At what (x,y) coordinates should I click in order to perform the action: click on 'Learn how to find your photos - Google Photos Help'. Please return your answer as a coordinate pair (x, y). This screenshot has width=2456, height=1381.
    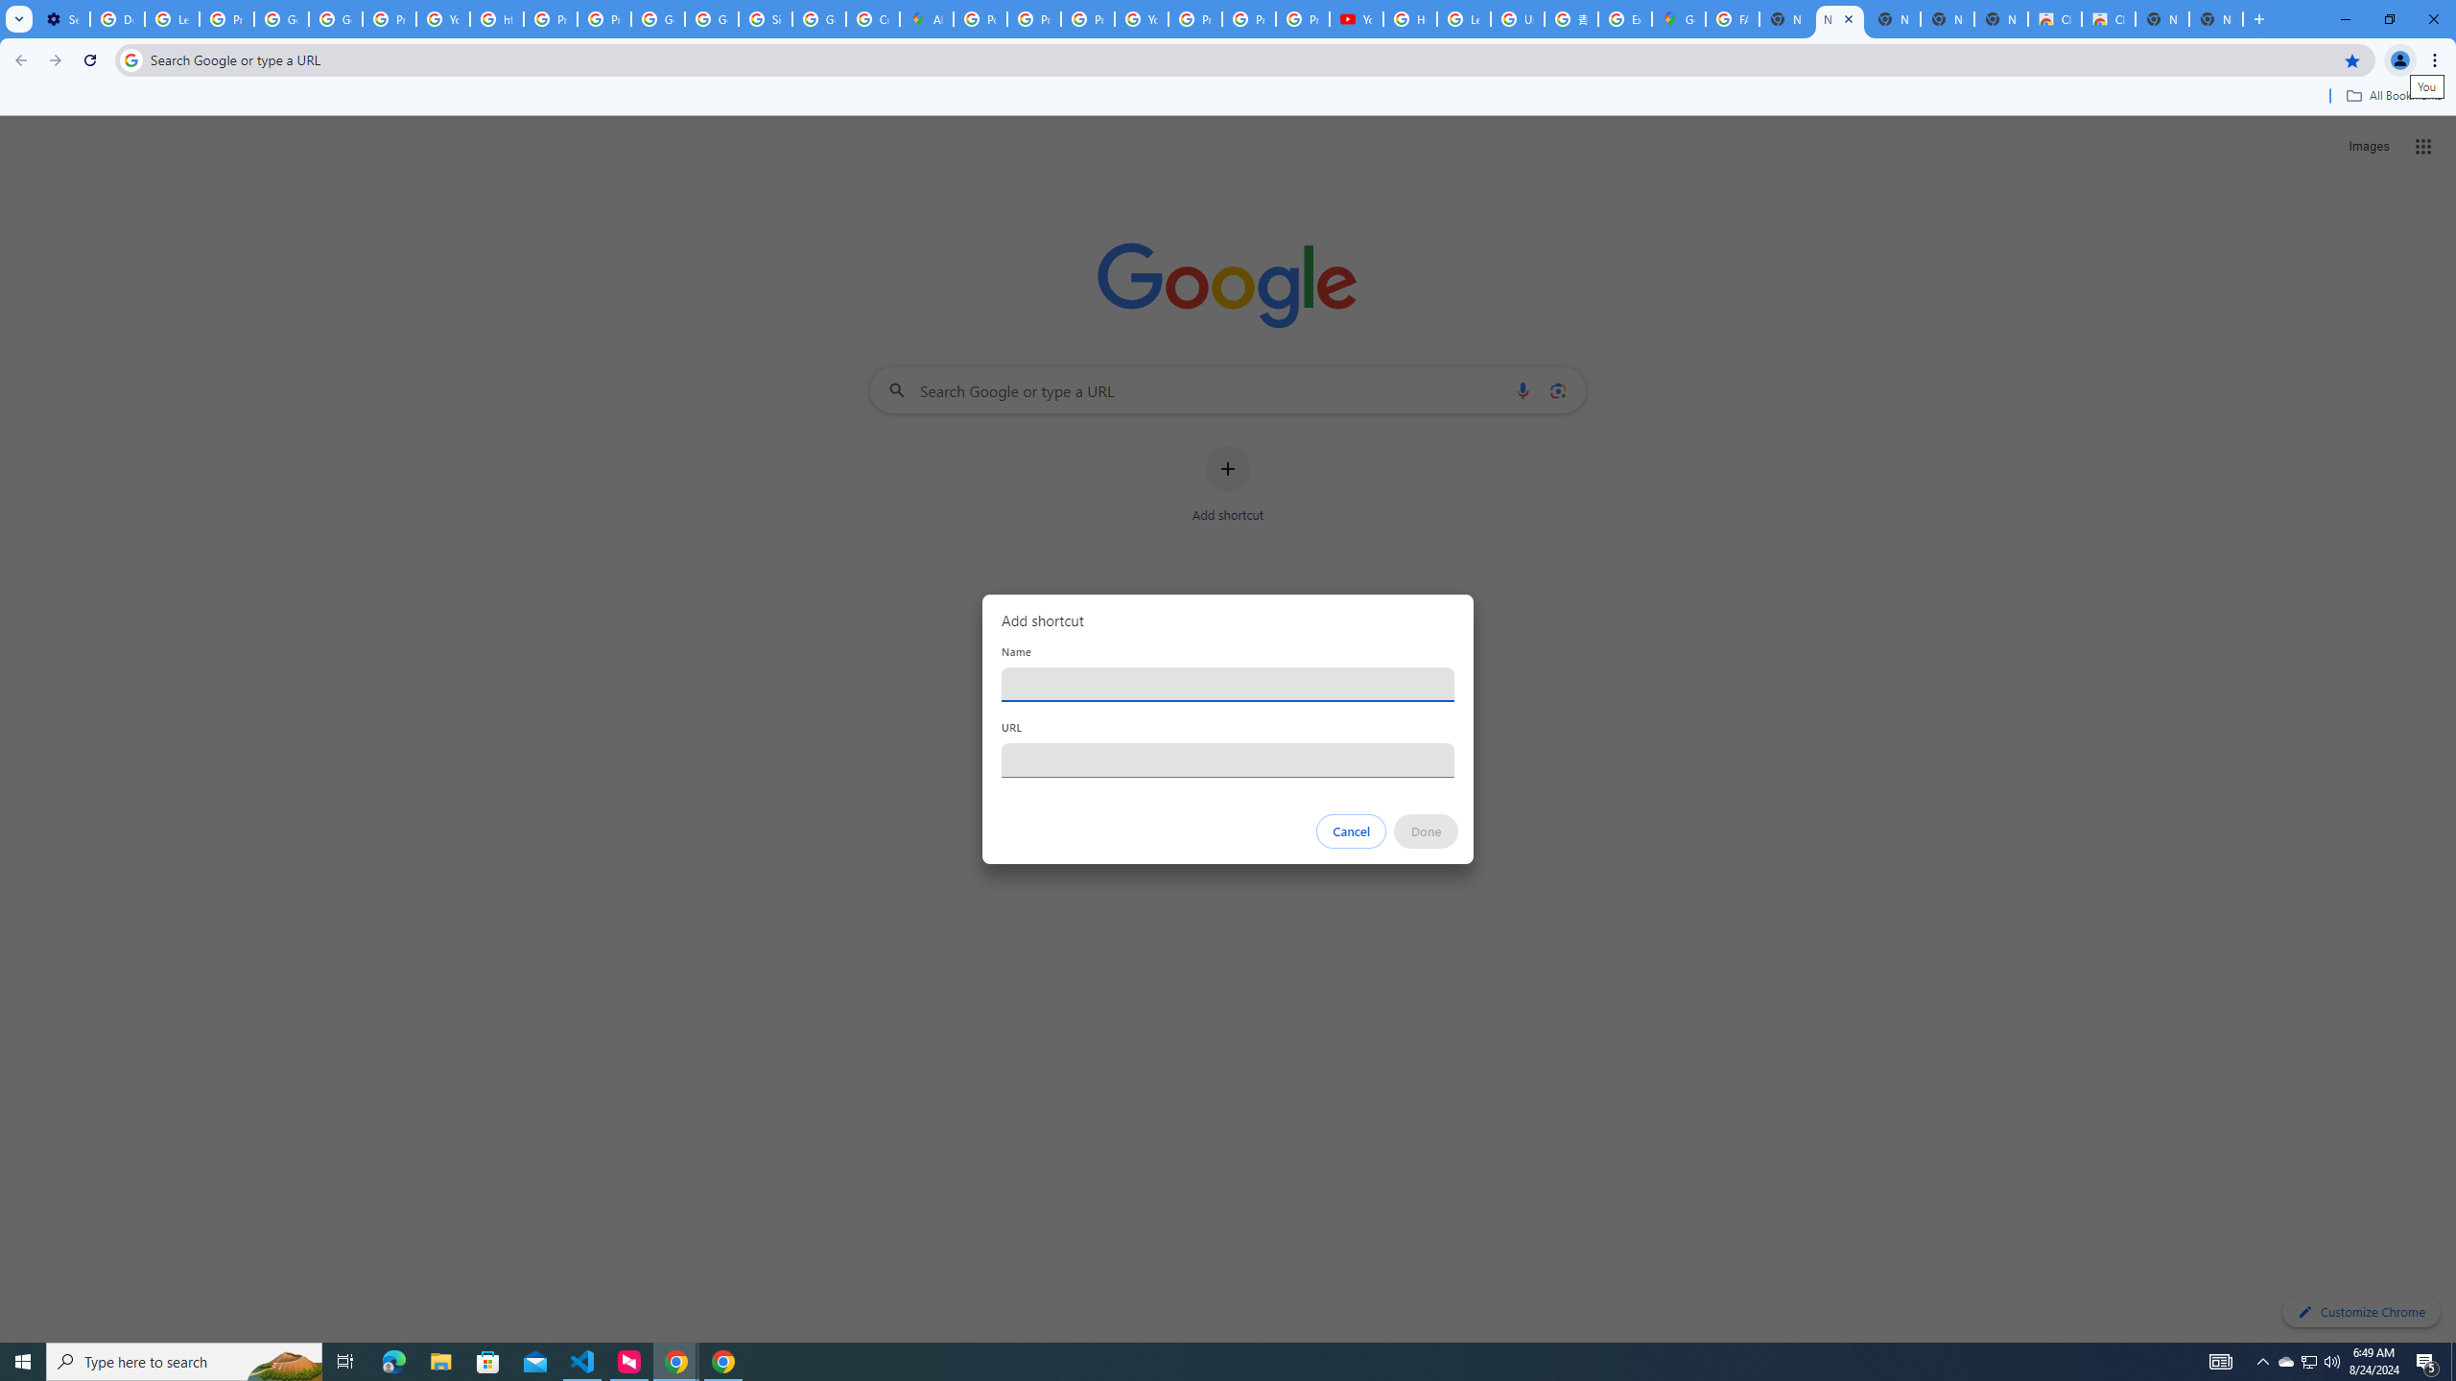
    Looking at the image, I should click on (172, 18).